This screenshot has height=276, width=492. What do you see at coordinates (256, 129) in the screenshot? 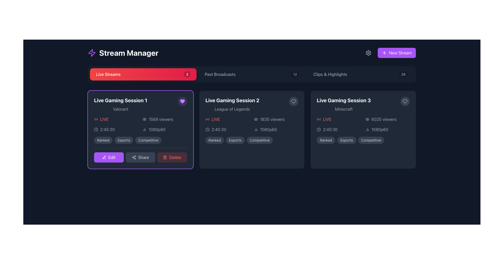
I see `the compact gray bar chart SVG icon located to the left of the text '1080p60' in the 'Live Gaming Session 2' card` at bounding box center [256, 129].